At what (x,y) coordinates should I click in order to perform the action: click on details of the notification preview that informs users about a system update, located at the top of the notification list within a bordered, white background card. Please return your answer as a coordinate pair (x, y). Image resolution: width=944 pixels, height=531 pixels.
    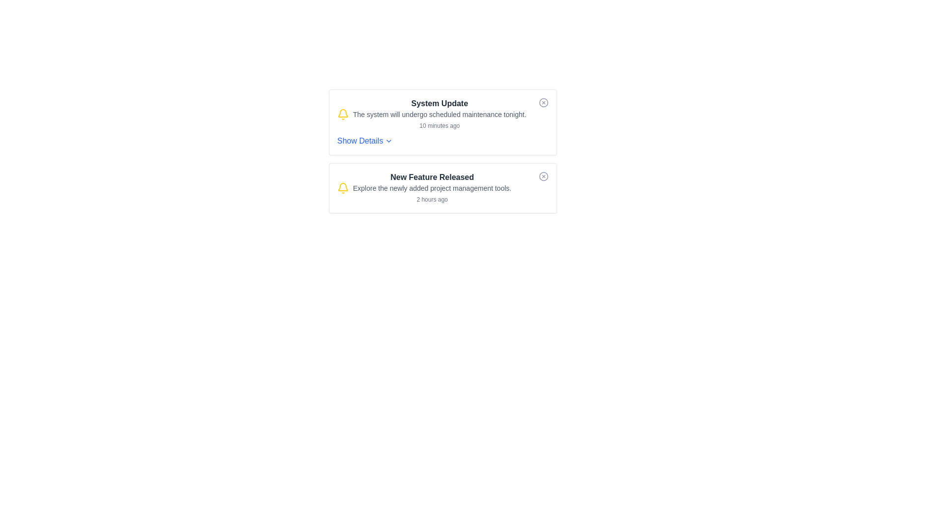
    Looking at the image, I should click on (442, 114).